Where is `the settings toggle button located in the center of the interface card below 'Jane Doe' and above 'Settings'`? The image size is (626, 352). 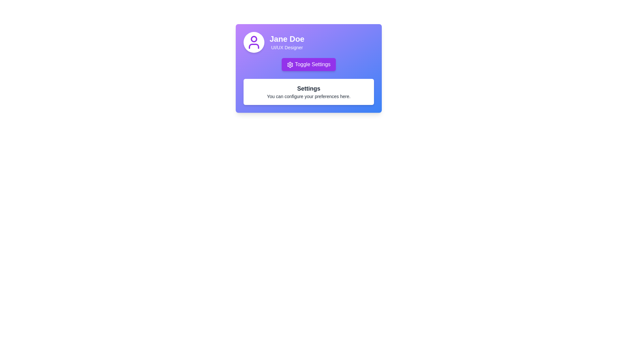
the settings toggle button located in the center of the interface card below 'Jane Doe' and above 'Settings' is located at coordinates (308, 64).